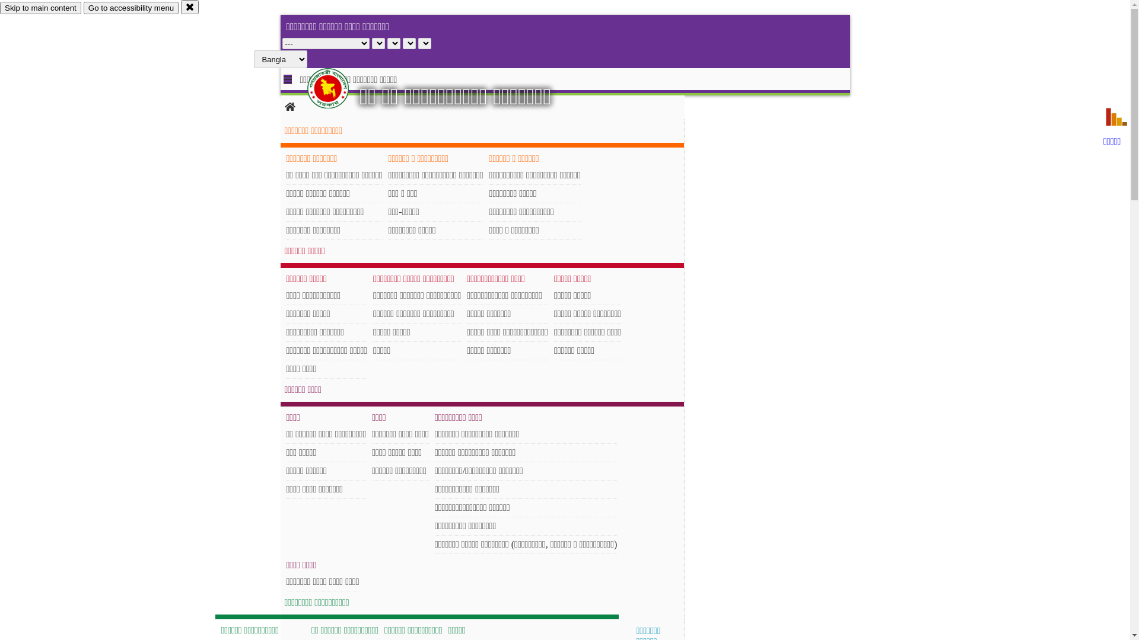 This screenshot has height=640, width=1139. What do you see at coordinates (338, 88) in the screenshot?
I see `'` at bounding box center [338, 88].